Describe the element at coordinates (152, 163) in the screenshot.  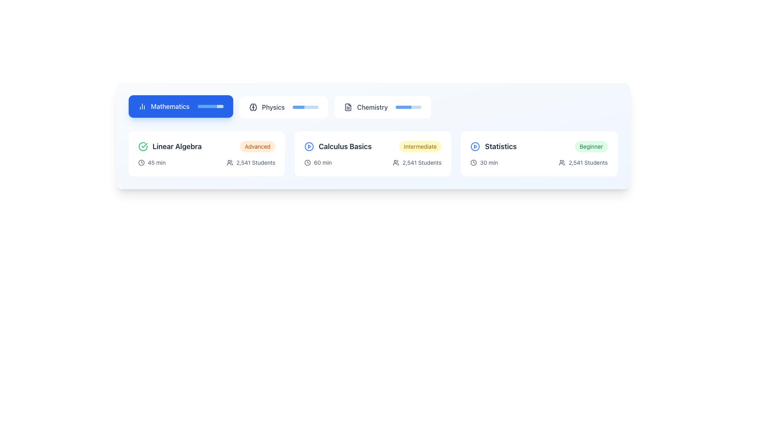
I see `information from the Metadata indicator element displaying '45 min' next to the user count in the 'Linear Algebra' course card` at that location.